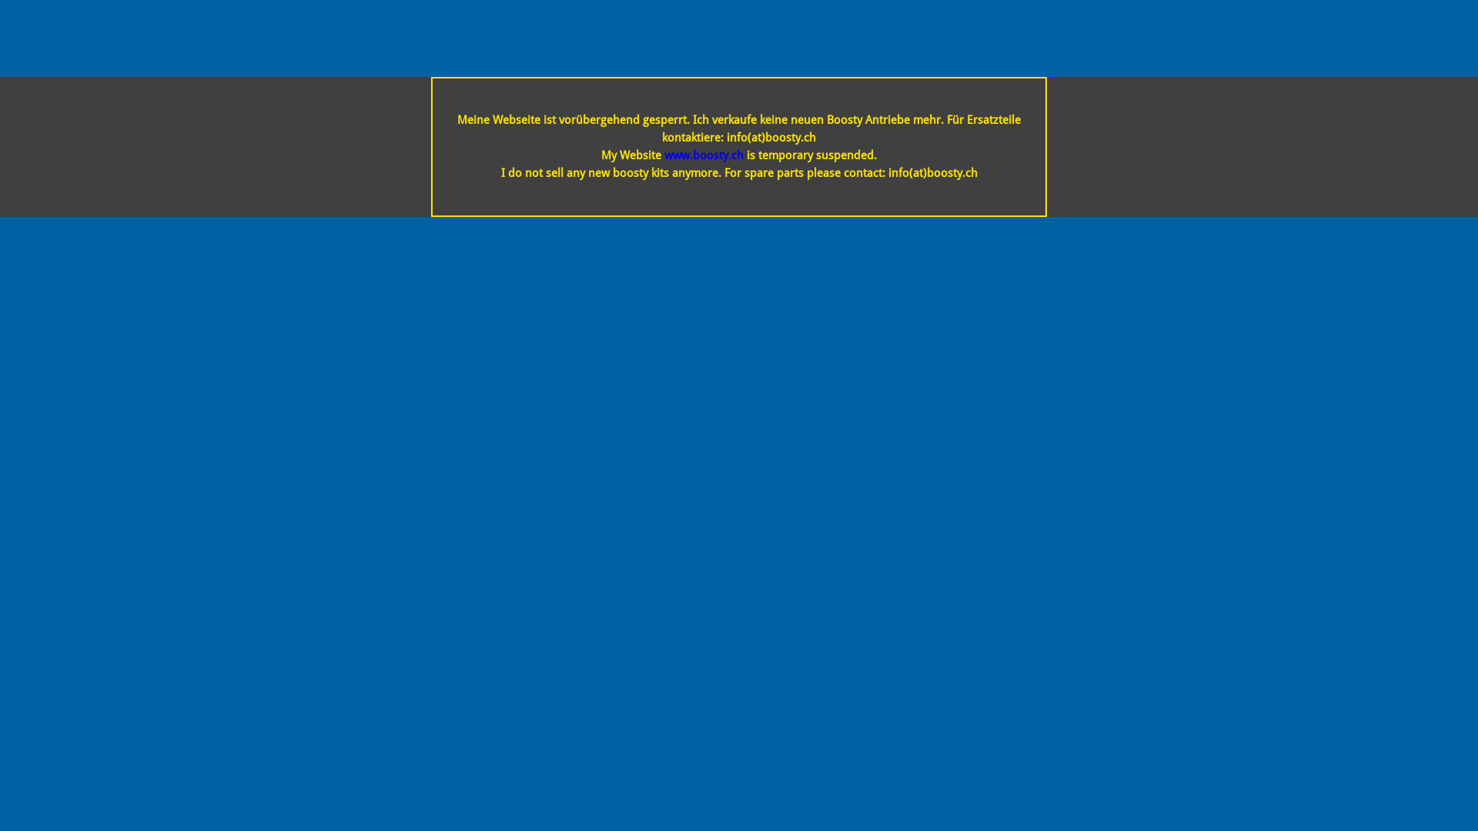 The width and height of the screenshot is (1478, 831). I want to click on 'www.boosty.ch', so click(703, 155).